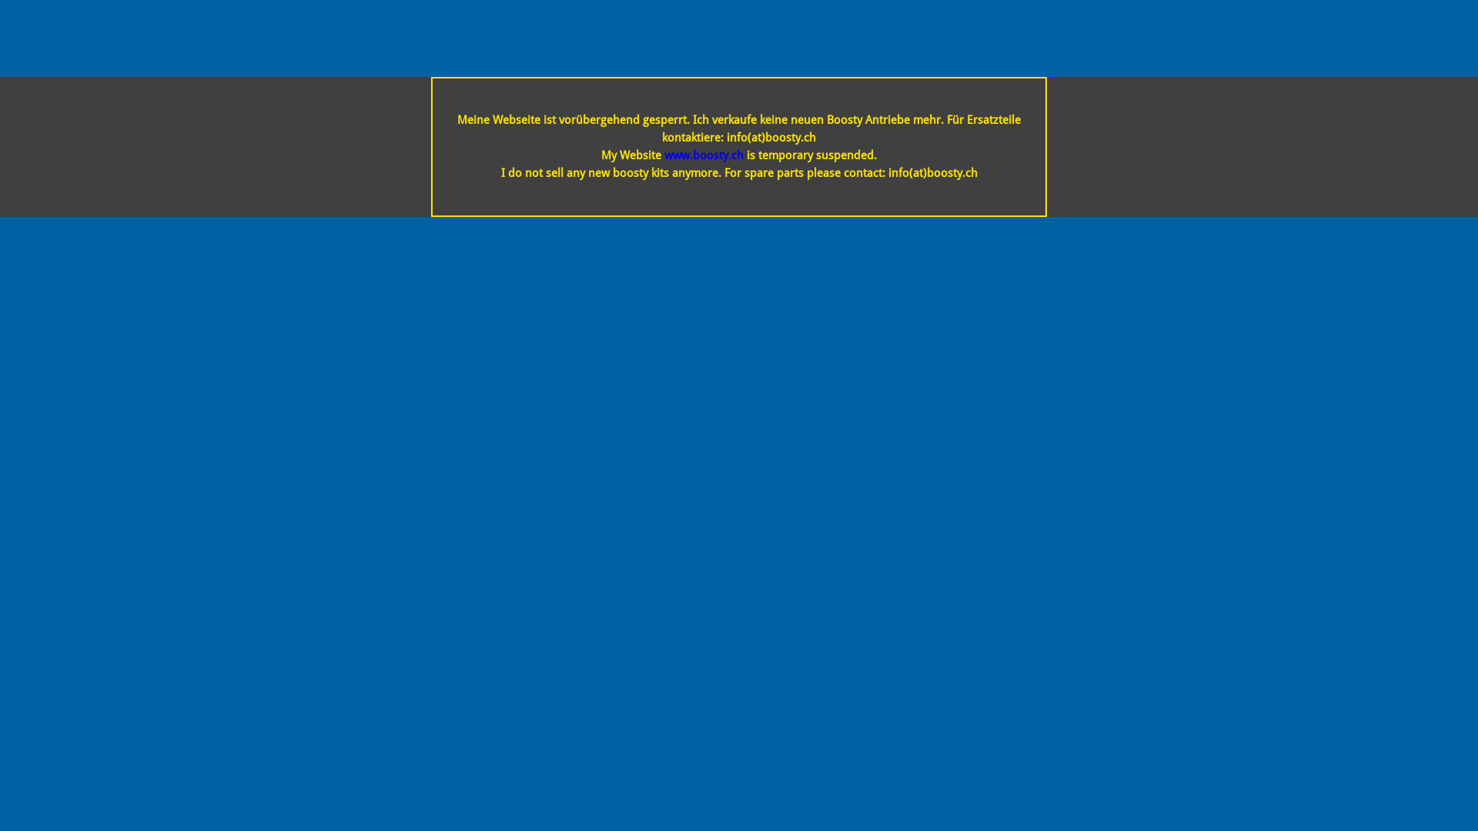 The width and height of the screenshot is (1478, 831). I want to click on 'www.boosty.ch', so click(703, 155).